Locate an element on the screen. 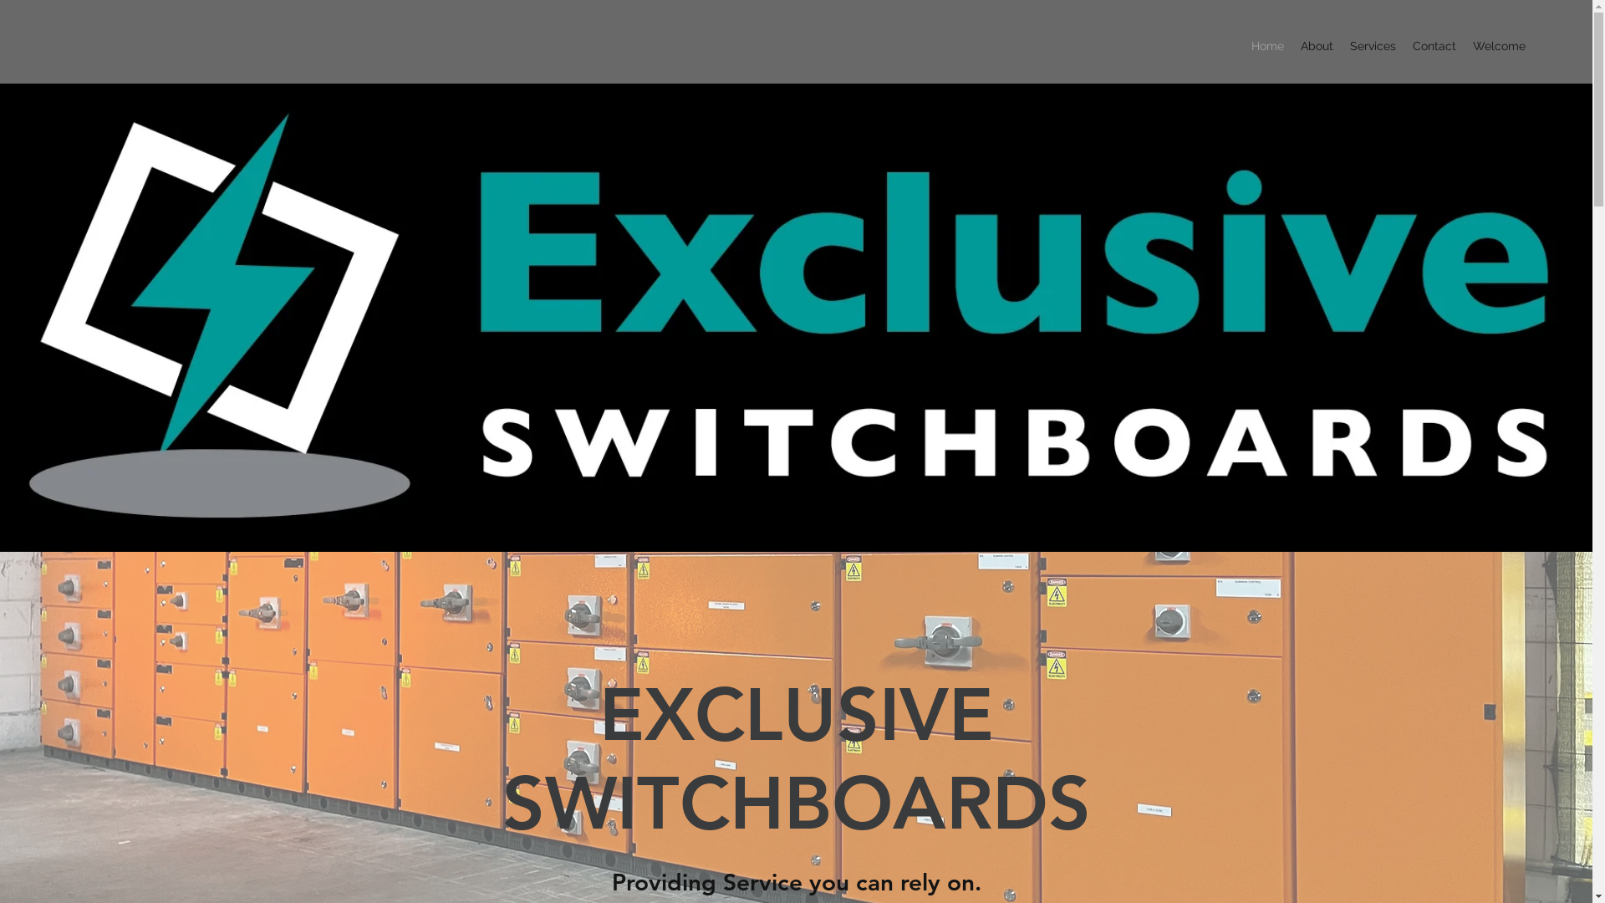 The height and width of the screenshot is (903, 1605). 'Home' is located at coordinates (1267, 44).